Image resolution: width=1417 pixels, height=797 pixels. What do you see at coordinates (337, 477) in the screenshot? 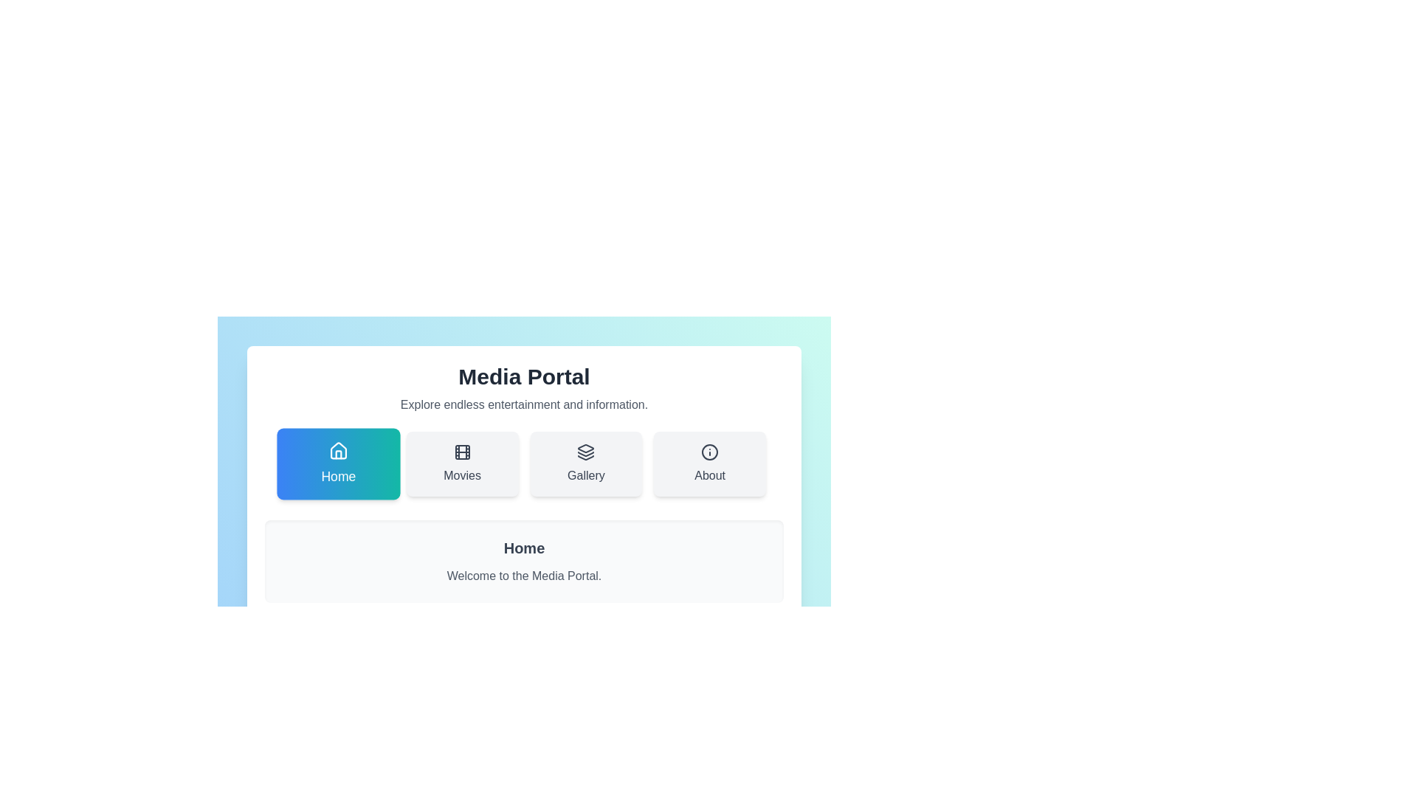
I see `displayed text of the 'Home' label located under the house-shaped icon in the top-left corner of the navigation section` at bounding box center [337, 477].